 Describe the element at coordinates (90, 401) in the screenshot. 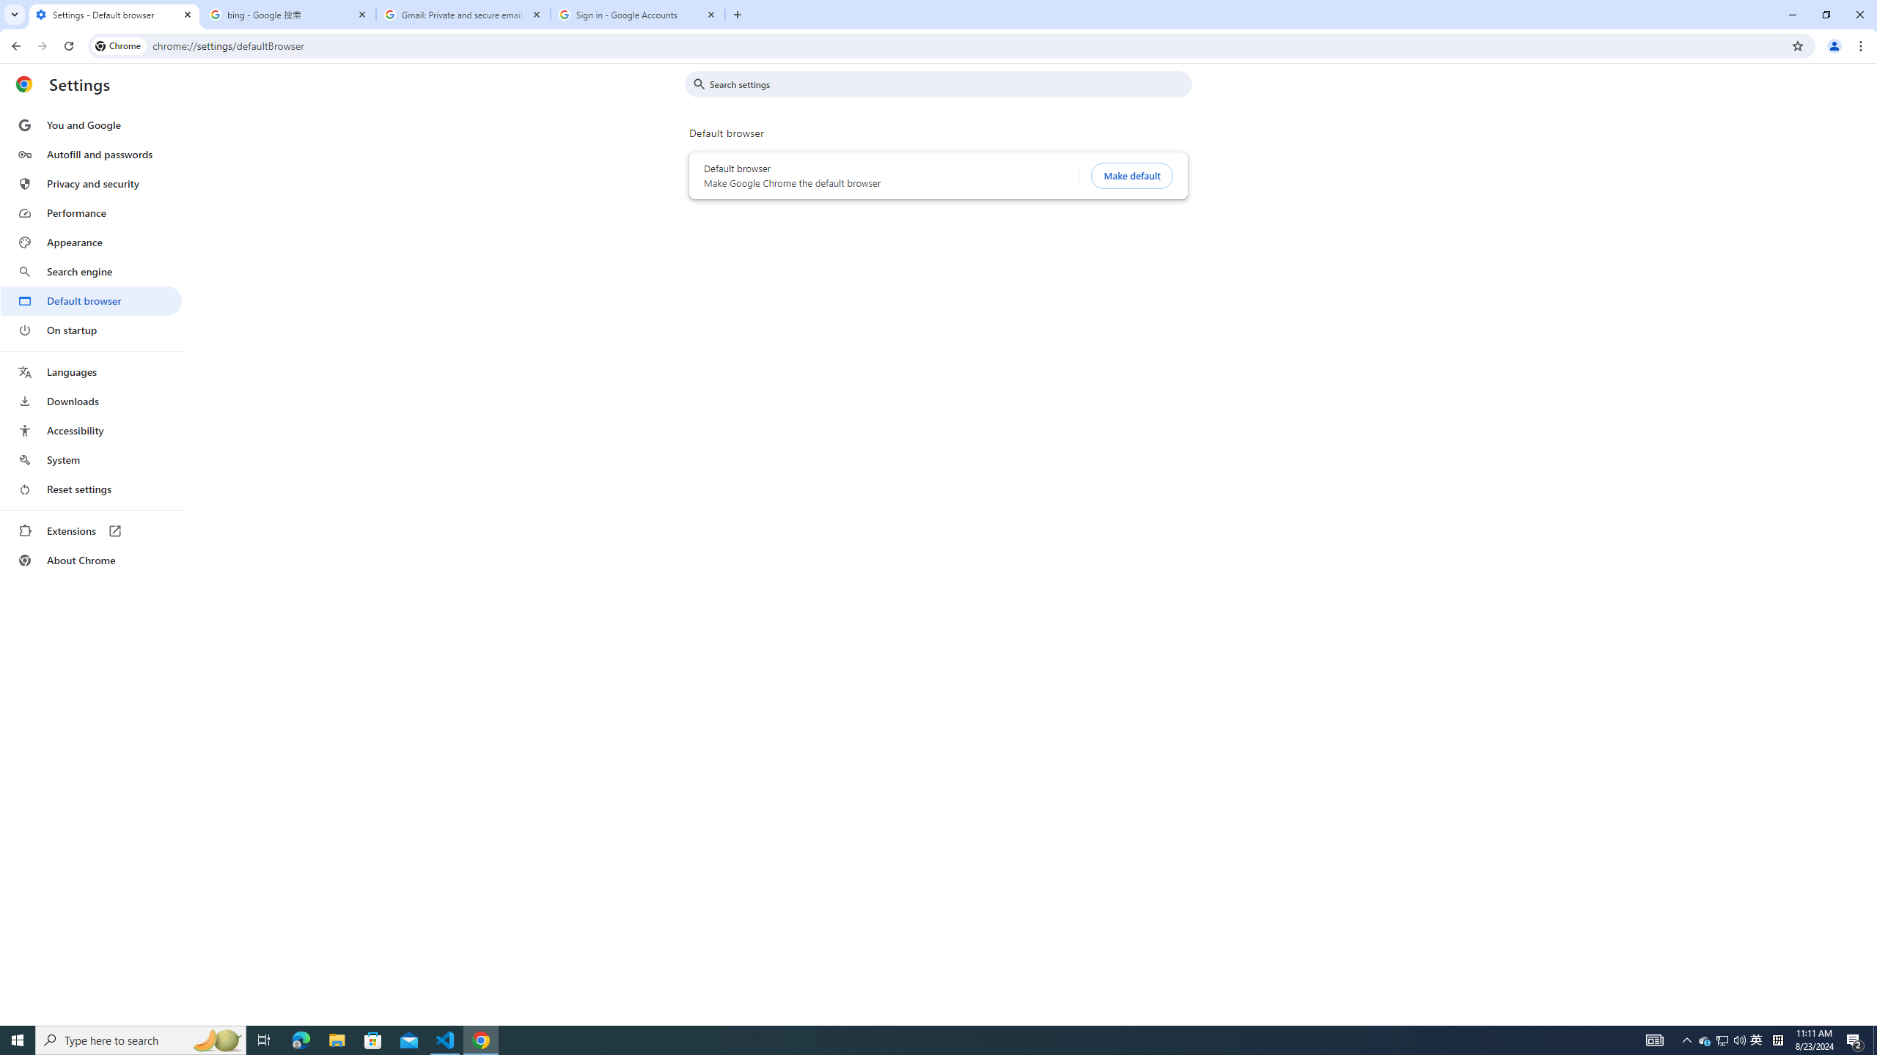

I see `'Downloads'` at that location.